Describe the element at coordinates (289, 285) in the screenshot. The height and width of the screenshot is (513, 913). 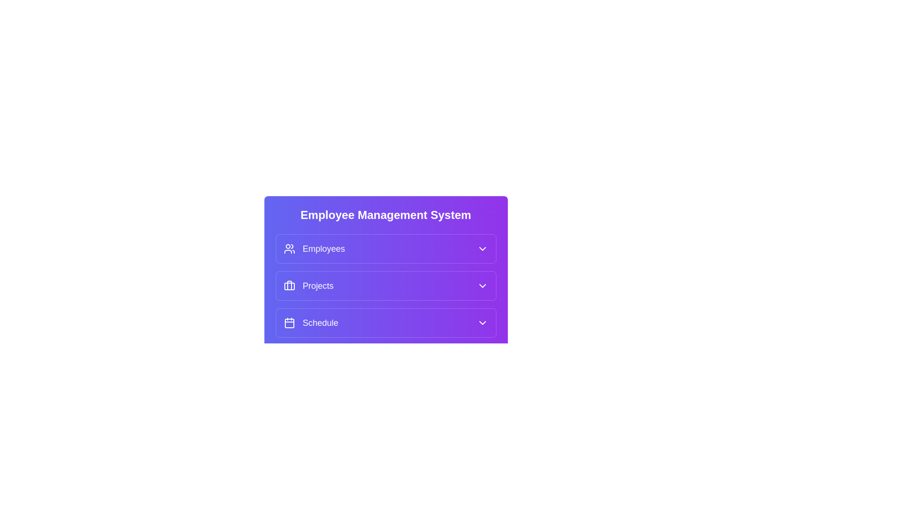
I see `the 'Projects' icon, which serves as a visual indicator for the 'Projects' section, located to the left of the text label 'Projects.'` at that location.